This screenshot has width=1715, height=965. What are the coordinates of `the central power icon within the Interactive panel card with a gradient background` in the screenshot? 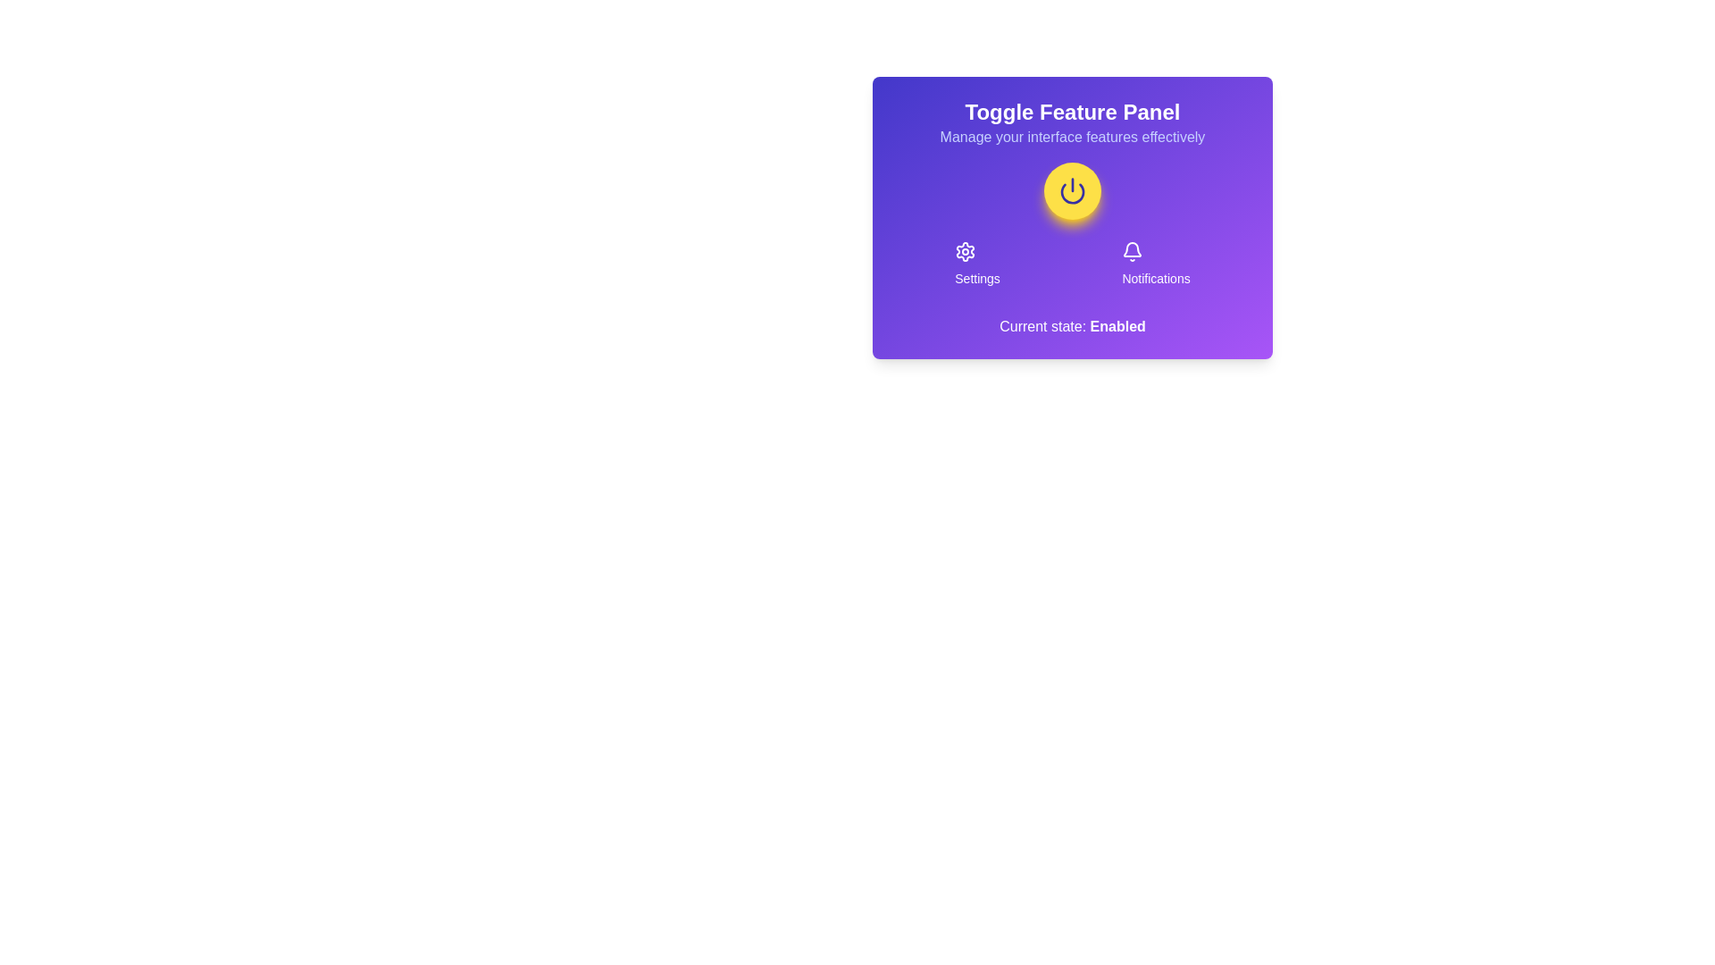 It's located at (1072, 216).